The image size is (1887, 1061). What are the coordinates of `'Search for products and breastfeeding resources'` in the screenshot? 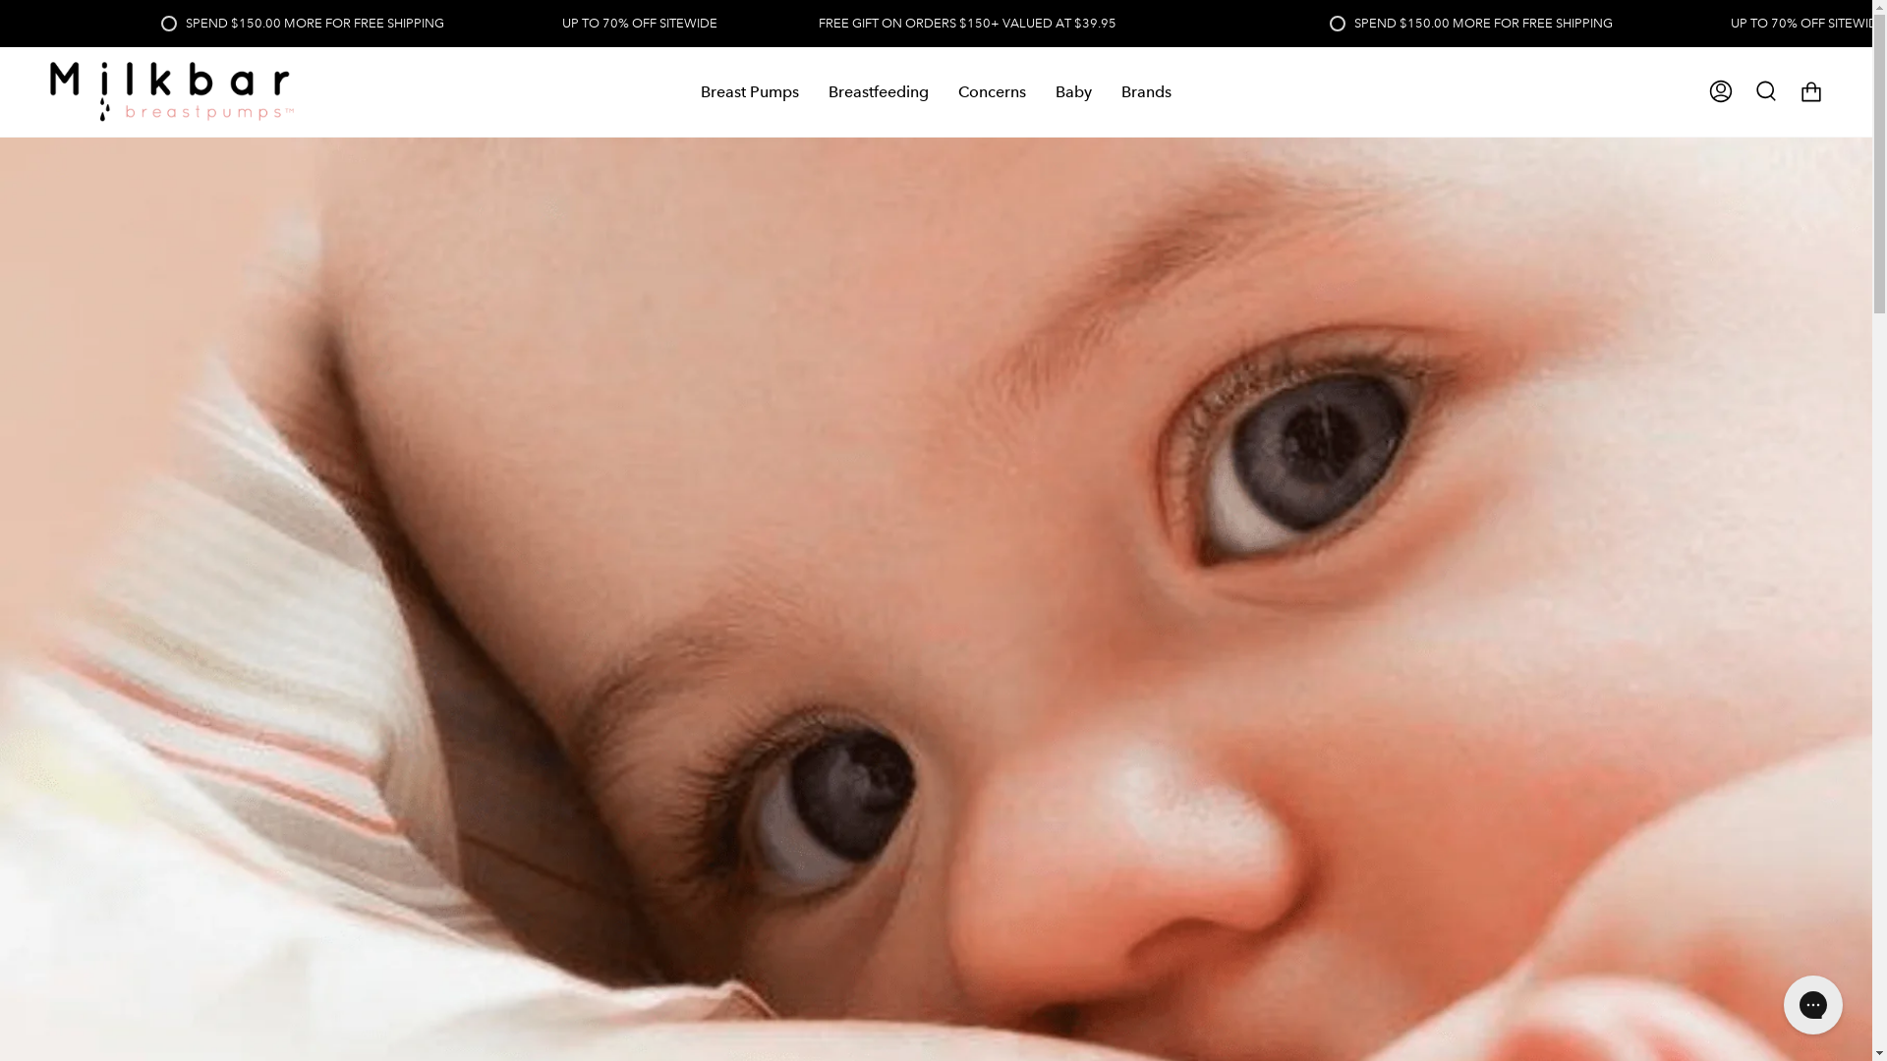 It's located at (1765, 91).